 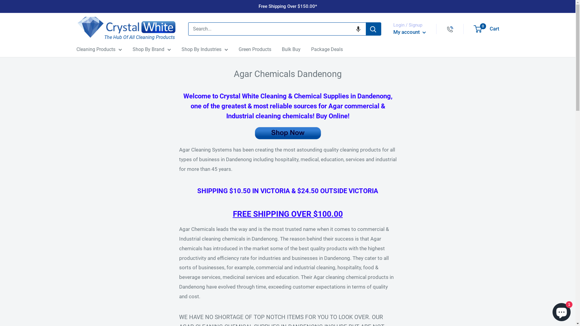 What do you see at coordinates (561, 311) in the screenshot?
I see `'Shopify online store chat'` at bounding box center [561, 311].